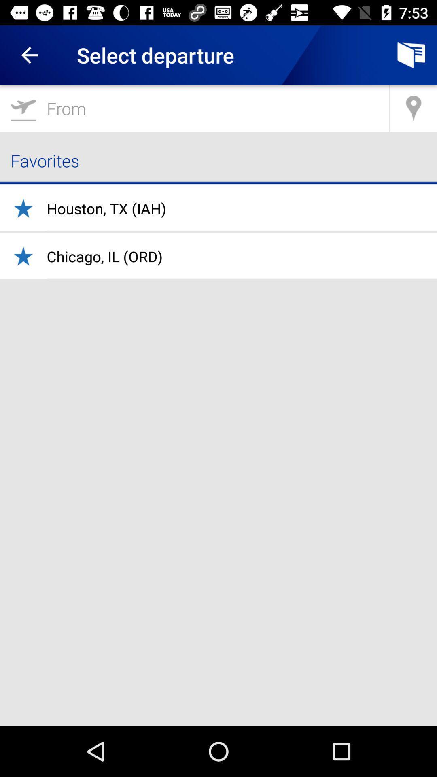  Describe the element at coordinates (194, 108) in the screenshot. I see `departure airport` at that location.